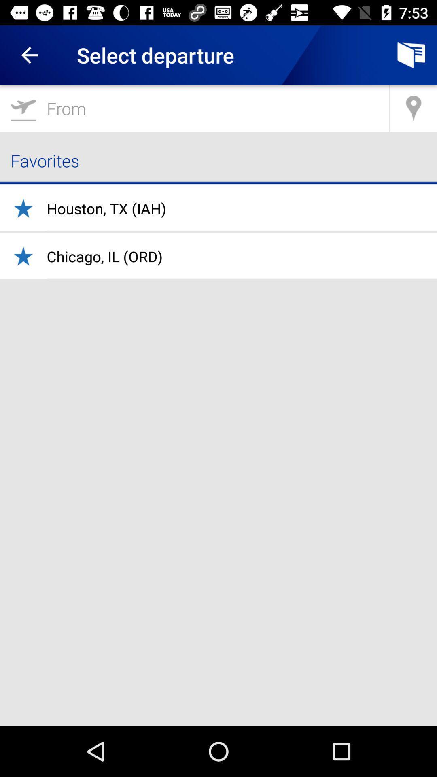  Describe the element at coordinates (194, 108) in the screenshot. I see `departure airport` at that location.